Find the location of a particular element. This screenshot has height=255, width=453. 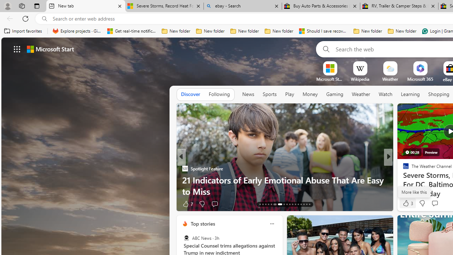

'AutomationID: tab-20' is located at coordinates (283, 204).